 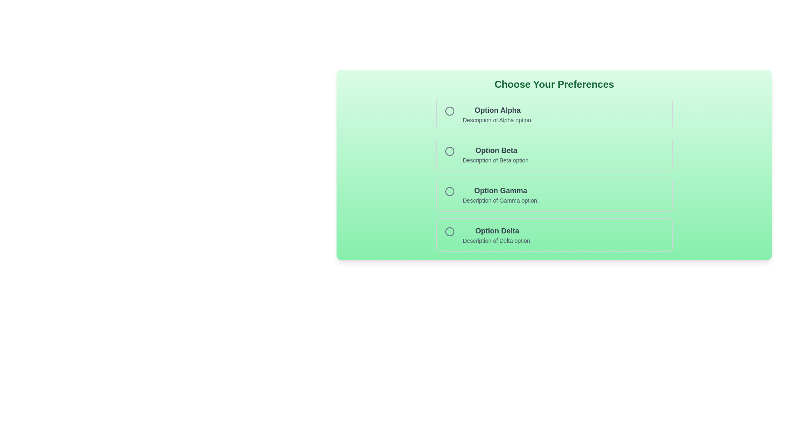 What do you see at coordinates (449, 151) in the screenshot?
I see `the gray circular radio button located to the left of the label 'Option Beta' in the second row of the vertical list titled 'Choose Your Preferences'` at bounding box center [449, 151].